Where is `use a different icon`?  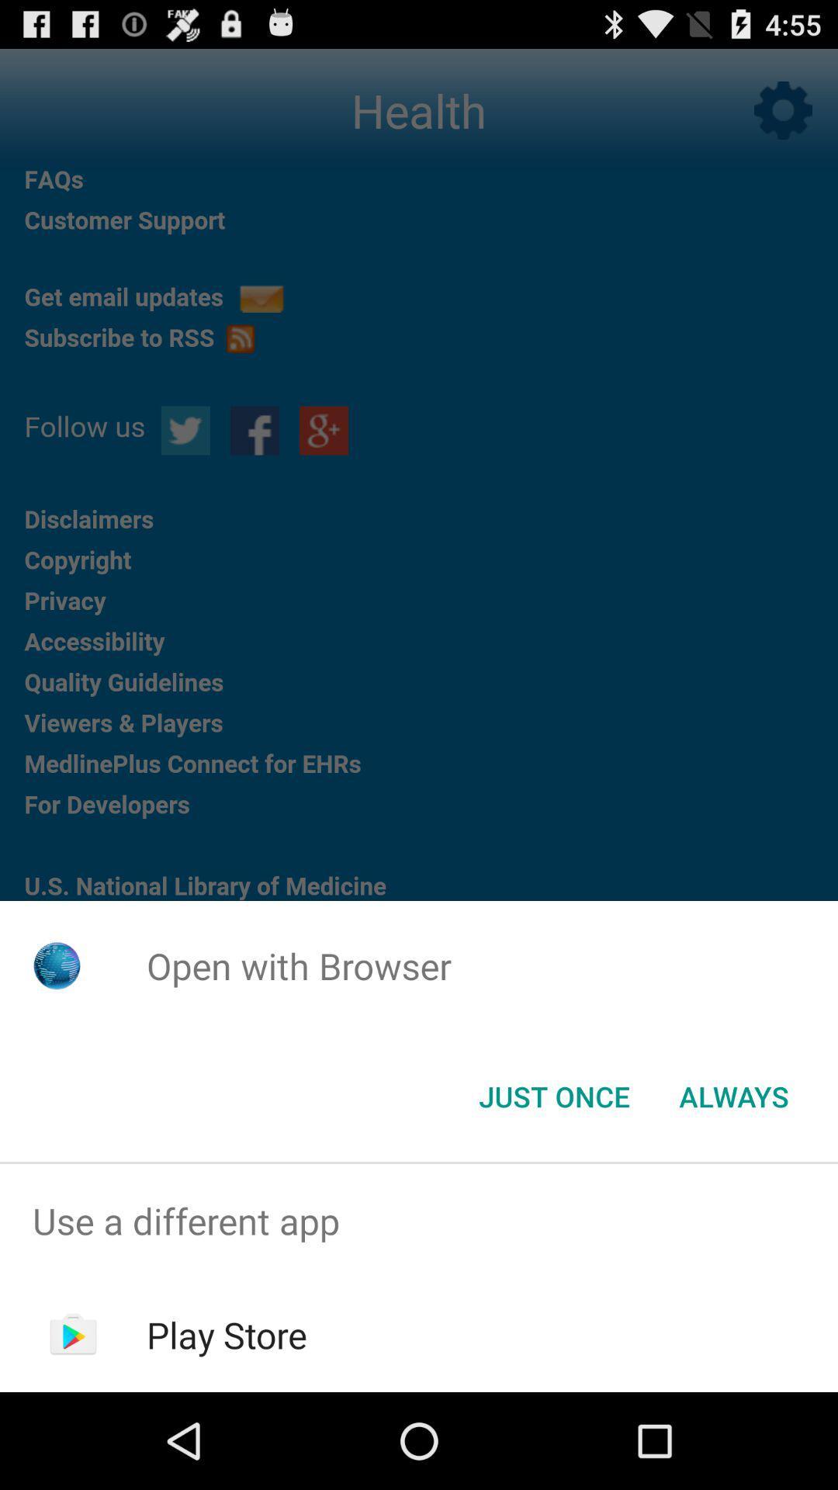
use a different icon is located at coordinates (419, 1220).